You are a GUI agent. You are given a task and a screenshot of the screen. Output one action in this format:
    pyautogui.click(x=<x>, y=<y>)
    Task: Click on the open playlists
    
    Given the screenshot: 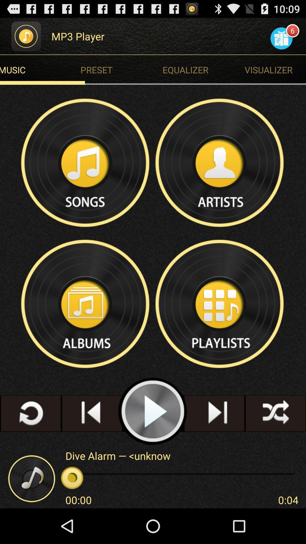 What is the action you would take?
    pyautogui.click(x=220, y=303)
    